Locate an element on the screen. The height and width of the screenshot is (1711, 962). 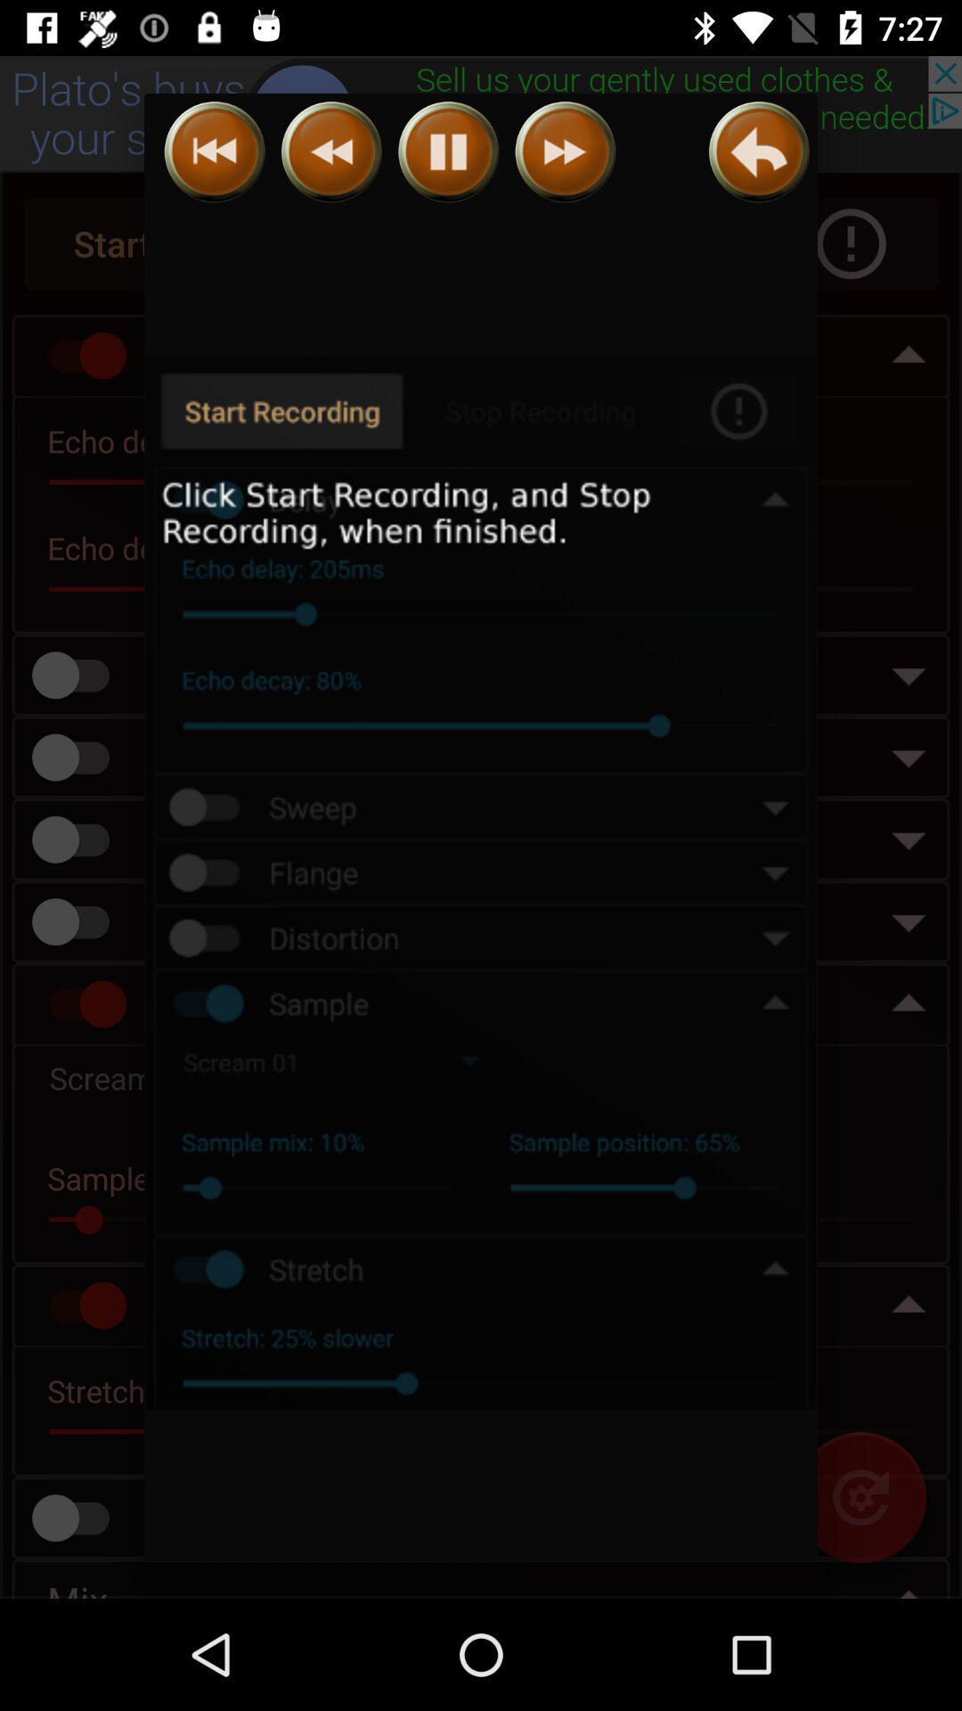
begin recording is located at coordinates (481, 883).